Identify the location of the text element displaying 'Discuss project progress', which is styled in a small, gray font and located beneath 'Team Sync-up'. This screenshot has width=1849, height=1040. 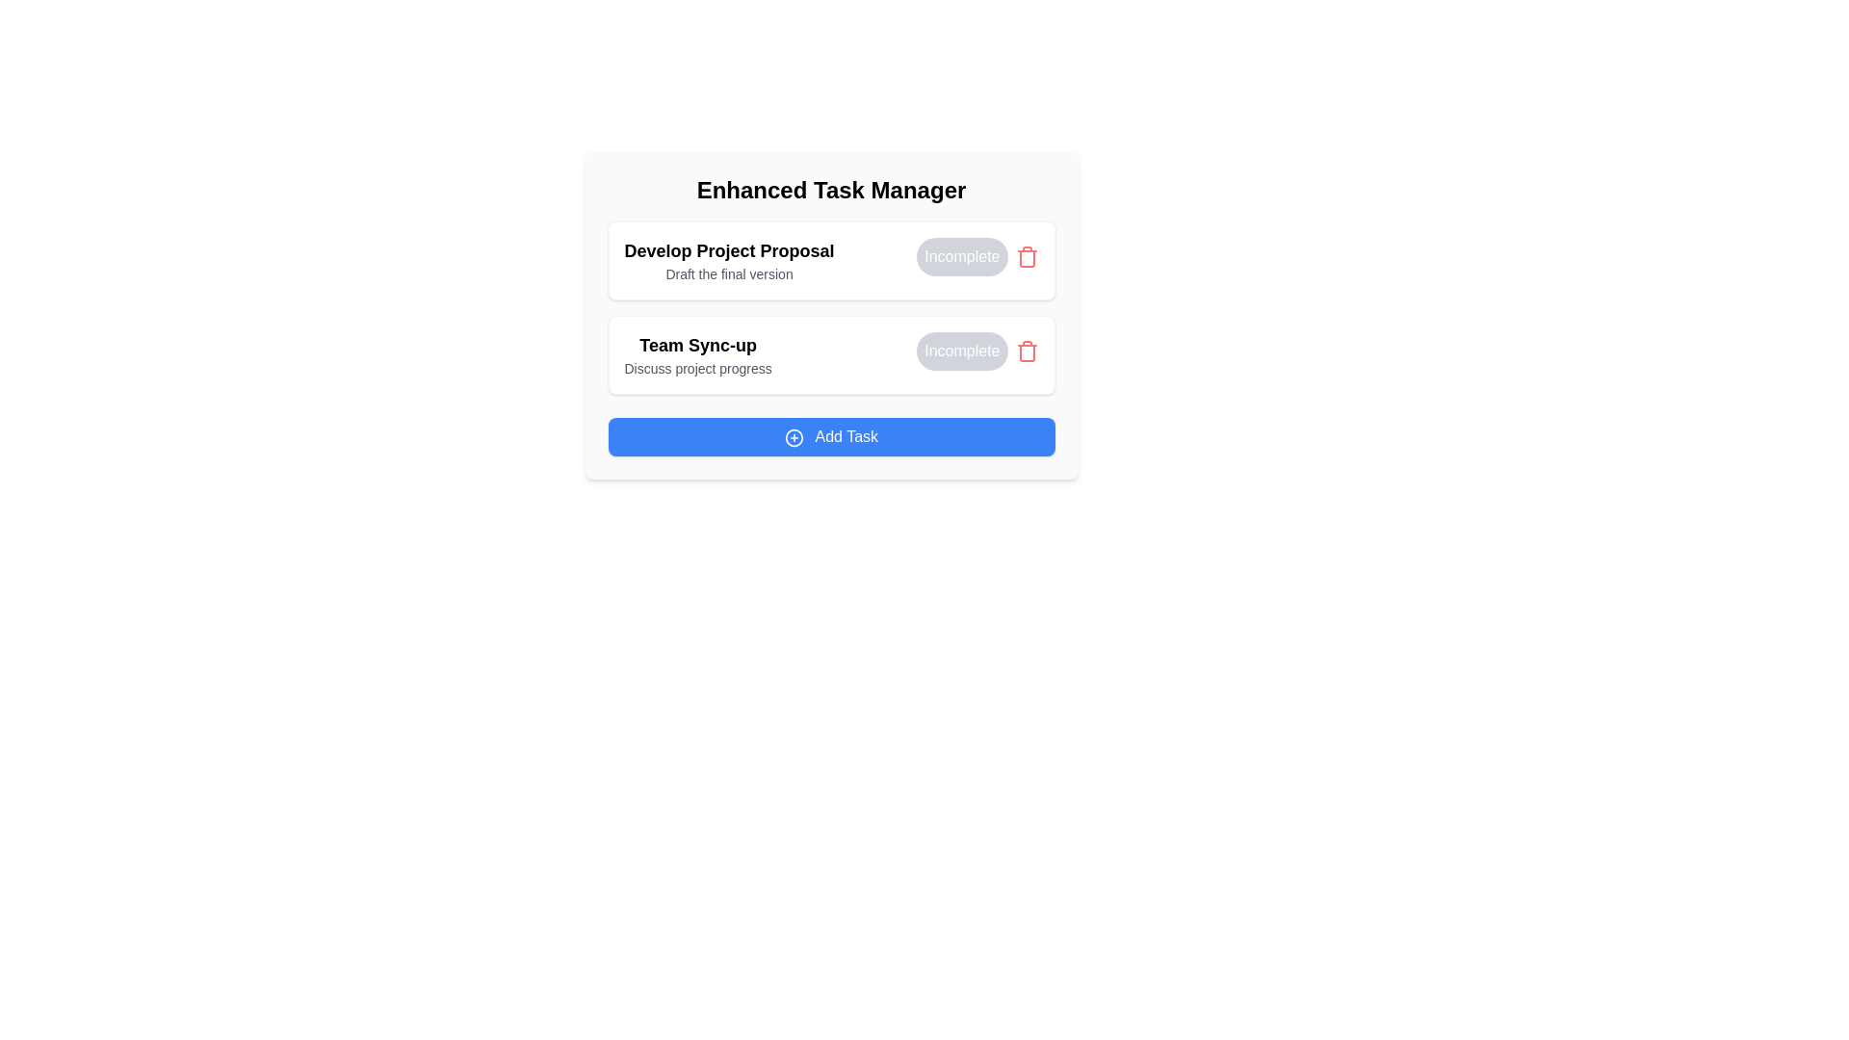
(697, 368).